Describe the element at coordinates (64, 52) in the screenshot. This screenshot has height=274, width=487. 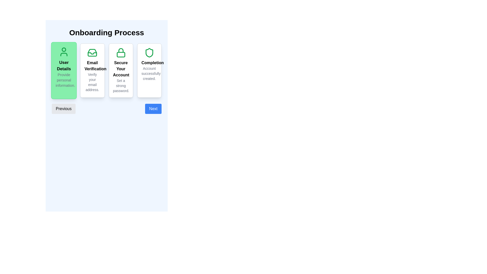
I see `the decorative icon representing the 'User Details' section in the onboarding process, which is the leftmost icon in the horizontally arranged interface` at that location.